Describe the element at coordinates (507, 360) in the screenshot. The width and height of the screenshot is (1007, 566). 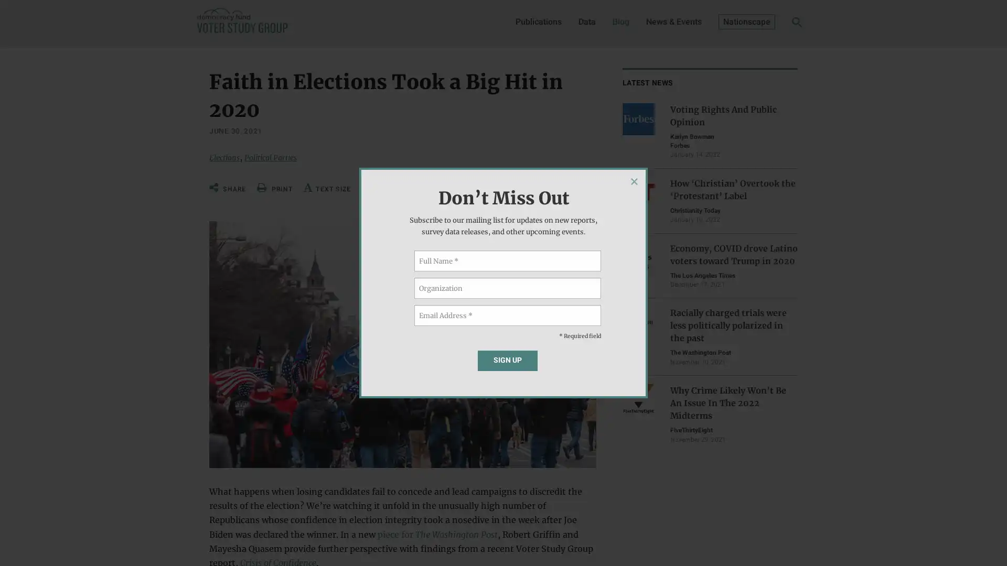
I see `SIGN UP` at that location.